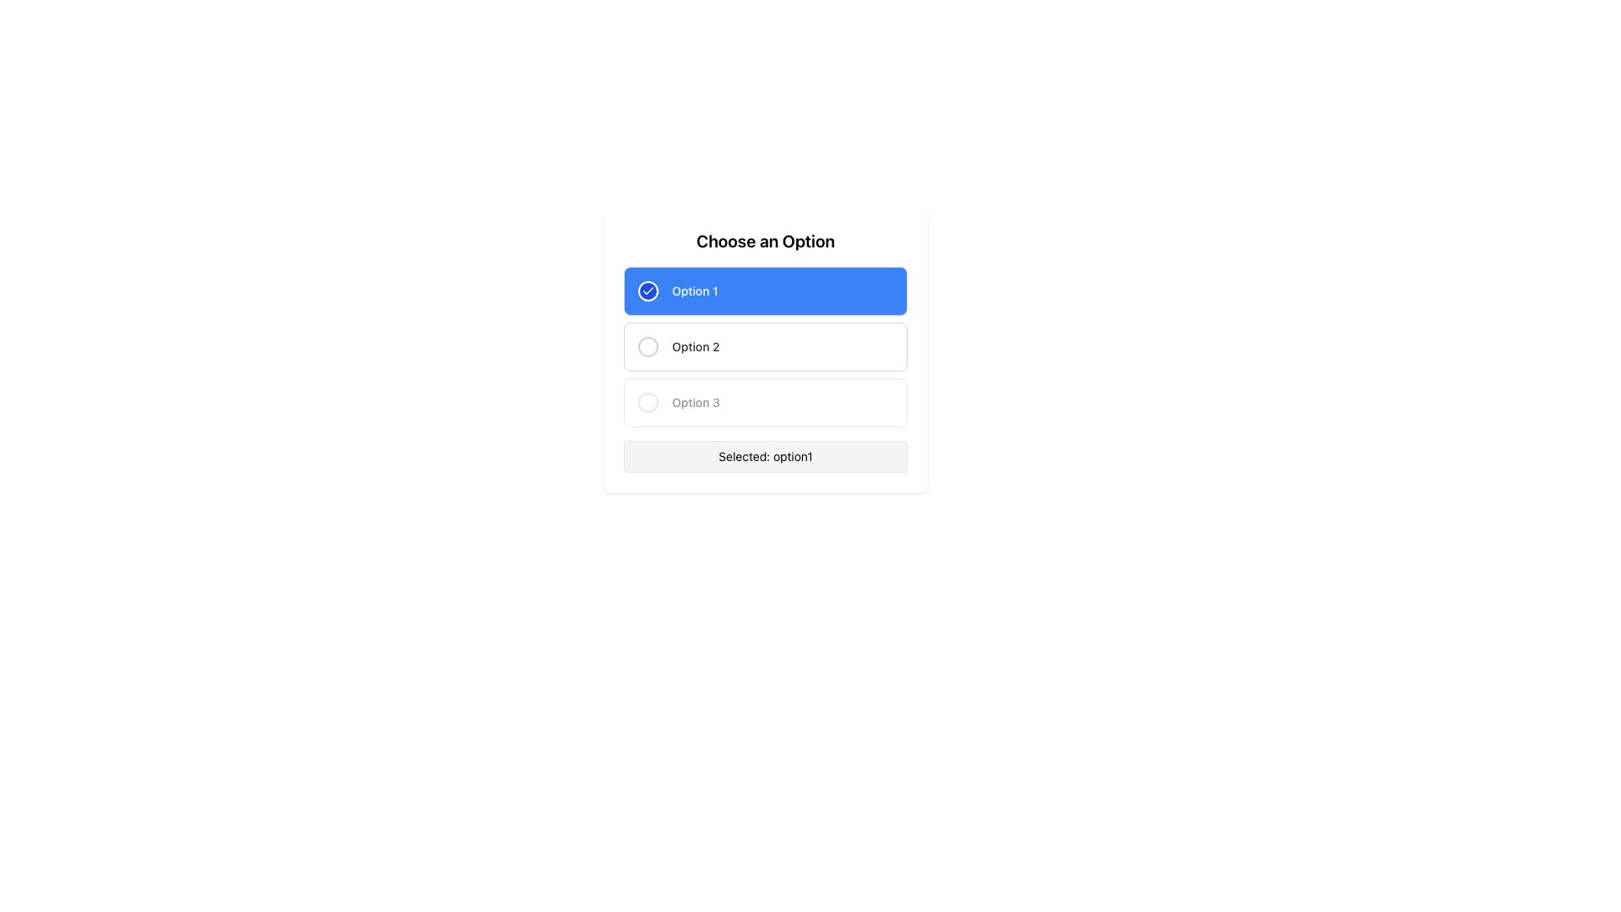 The image size is (1621, 912). What do you see at coordinates (696, 346) in the screenshot?
I see `the static label text 'Option 2' which is styled with medium font weight and small size, located to the right of the circular indicator within the second interactive option box in a vertical selection list` at bounding box center [696, 346].